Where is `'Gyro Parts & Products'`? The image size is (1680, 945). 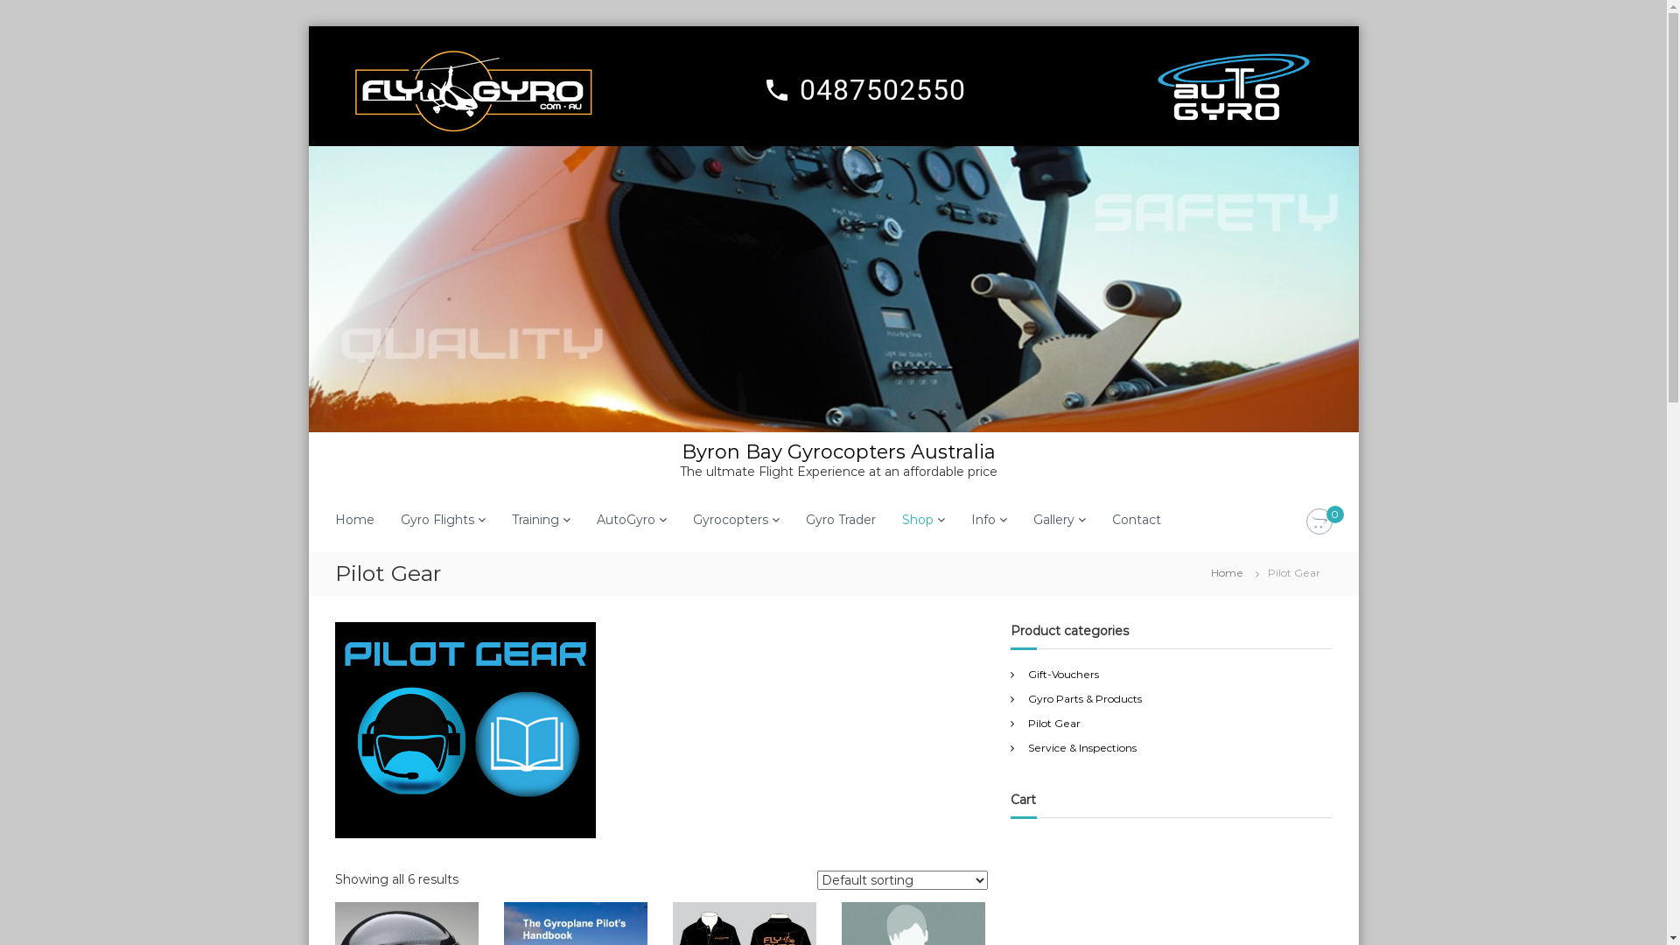
'Gyro Parts & Products' is located at coordinates (1083, 696).